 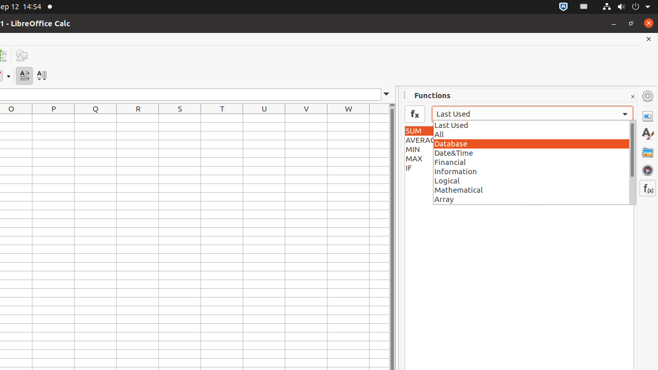 What do you see at coordinates (535, 199) in the screenshot?
I see `'Array'` at bounding box center [535, 199].